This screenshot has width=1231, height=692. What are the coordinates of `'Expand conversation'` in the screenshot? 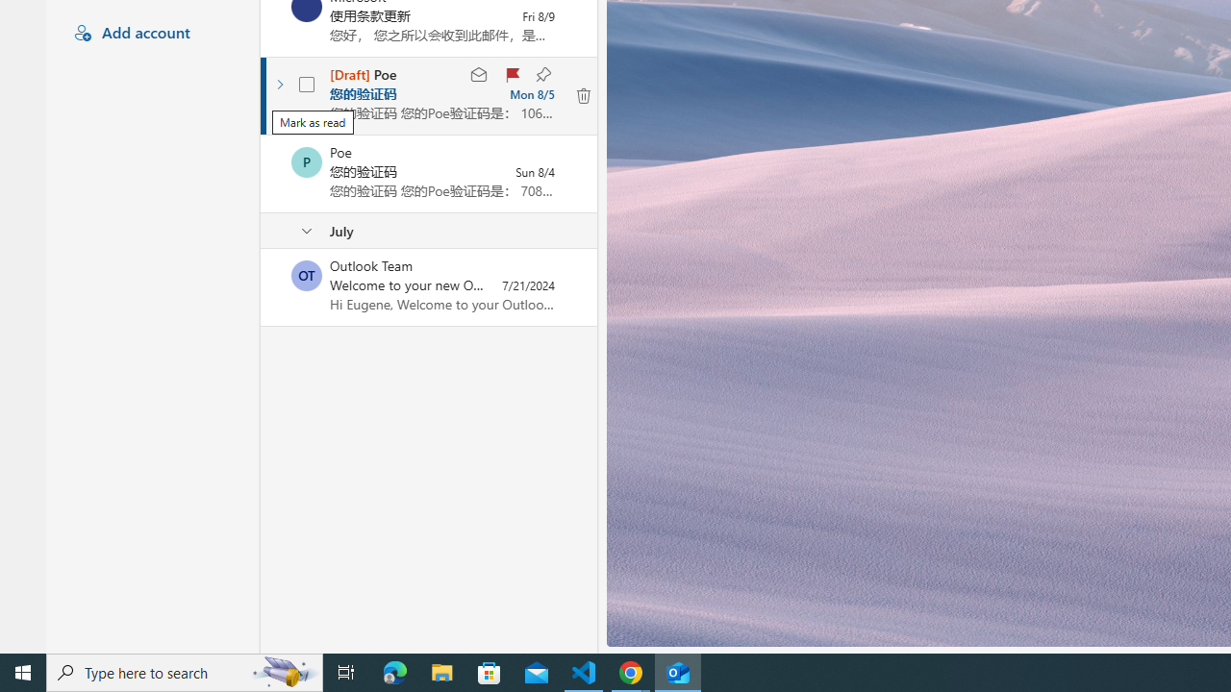 It's located at (279, 84).